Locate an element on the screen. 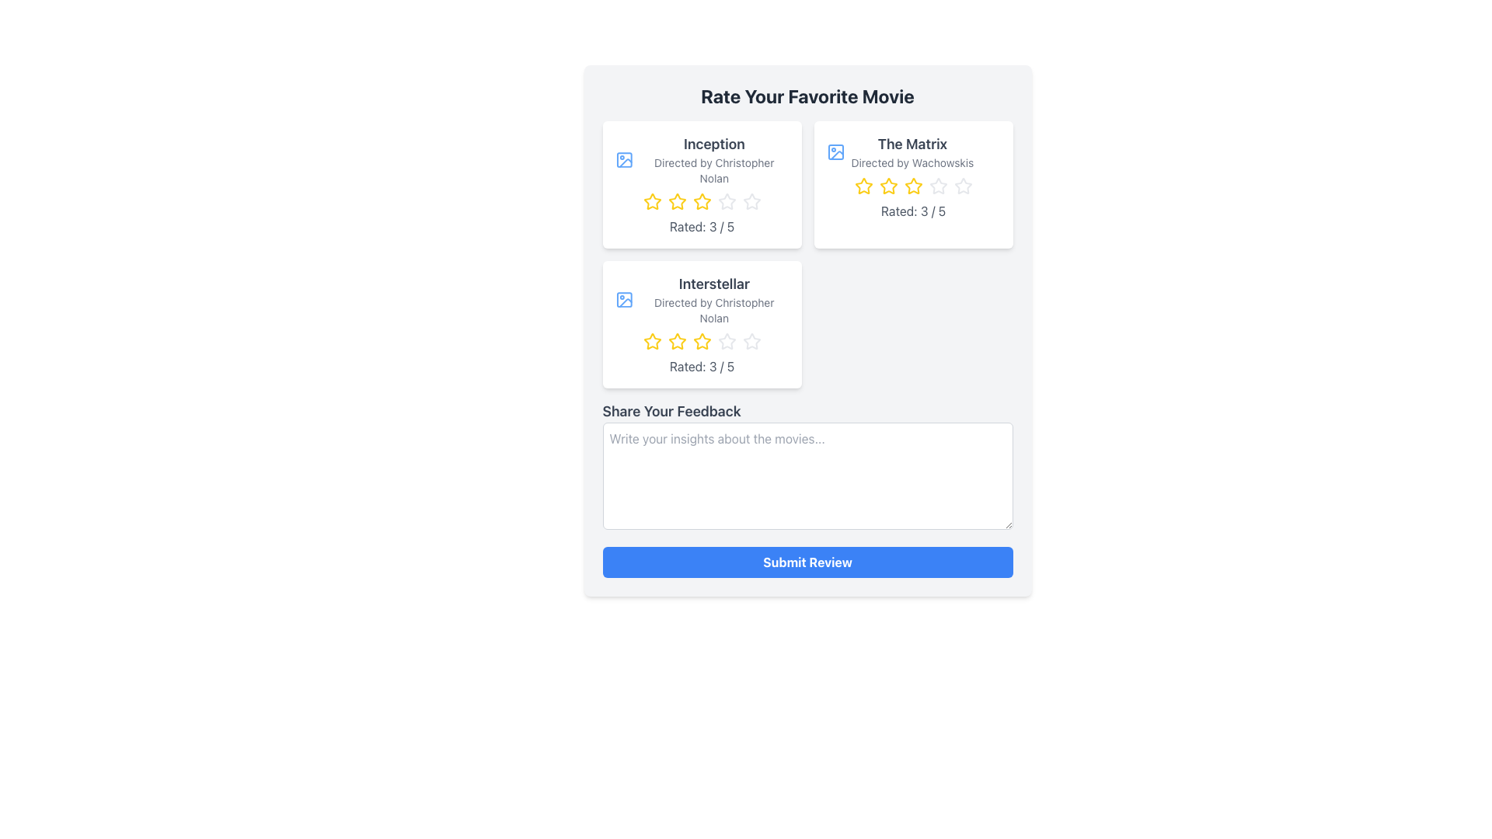 The image size is (1492, 839). the SVG graphical element, which is a rounded rectangle located in the left section of the card for the movie 'Interstellar', positioned within an SVG structure is located at coordinates (624, 299).